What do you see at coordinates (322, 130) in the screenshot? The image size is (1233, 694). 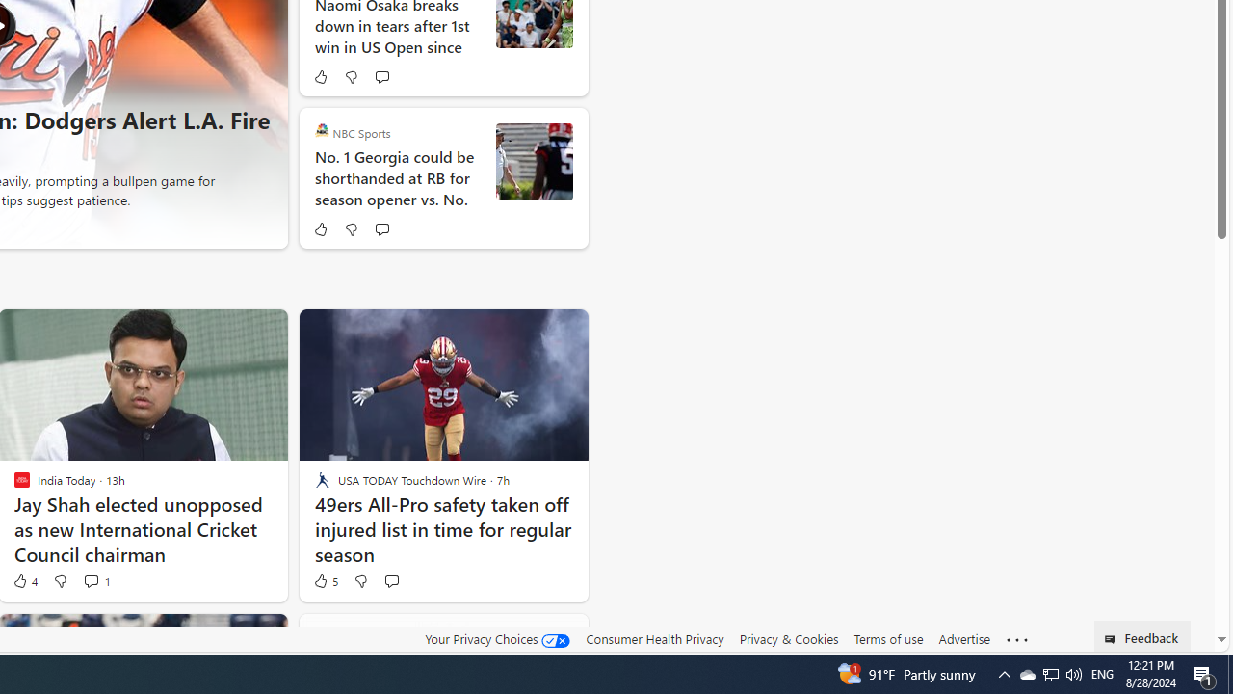 I see `'NBC Sports'` at bounding box center [322, 130].